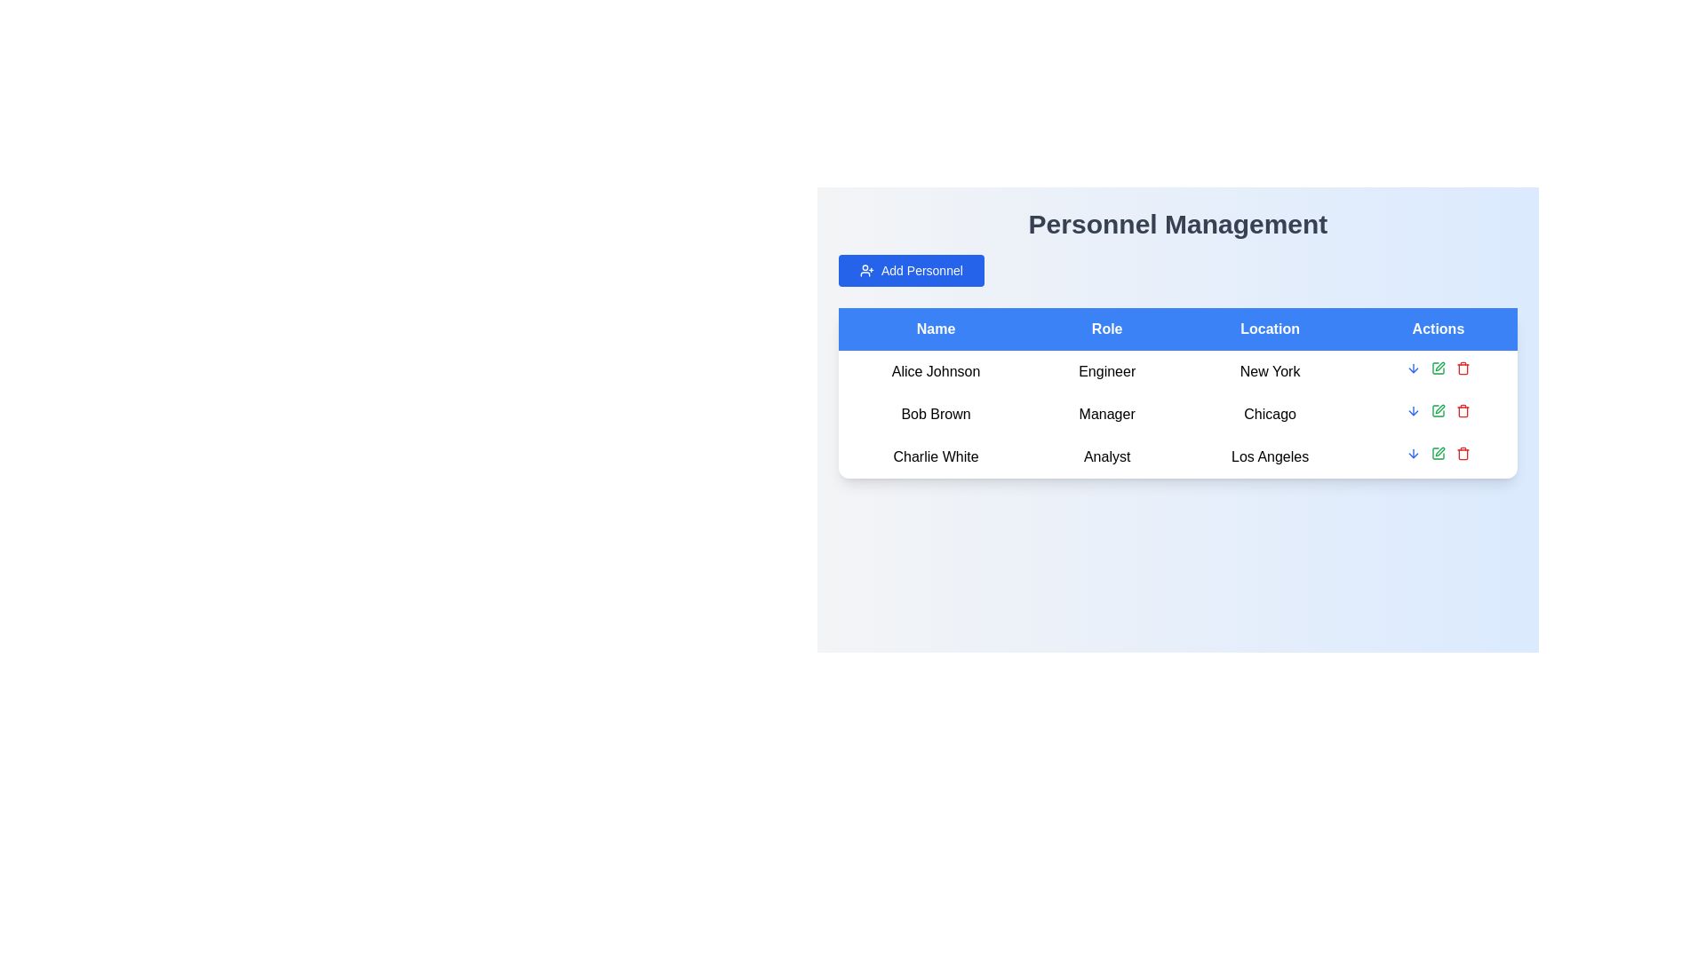 This screenshot has width=1706, height=959. I want to click on the text label displaying 'Bob Brown', which is located in the second row and first column of the table under the 'Name' header, so click(935, 414).